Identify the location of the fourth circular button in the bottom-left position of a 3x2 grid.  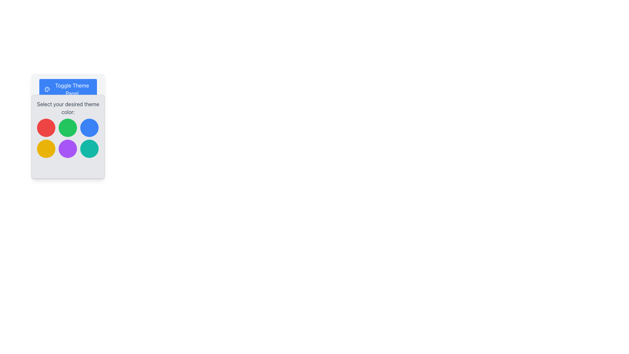
(46, 149).